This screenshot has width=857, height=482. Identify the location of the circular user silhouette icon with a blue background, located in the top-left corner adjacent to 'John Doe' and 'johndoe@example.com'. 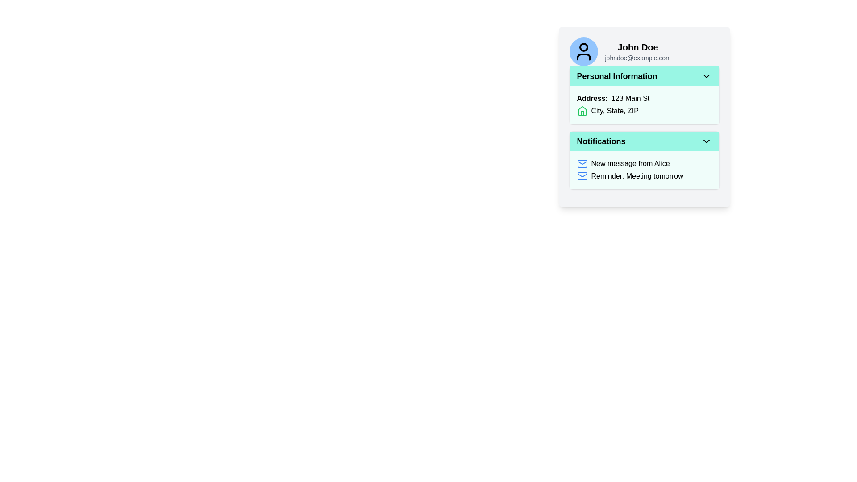
(583, 51).